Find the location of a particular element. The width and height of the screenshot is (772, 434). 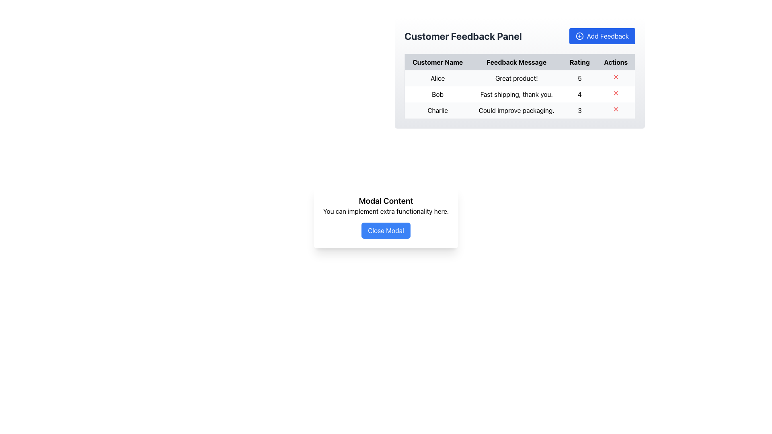

the circular icon with a plus sign inside, which is positioned to the left of the text in the 'Add Feedback' button at the top right of the interface is located at coordinates (579, 35).